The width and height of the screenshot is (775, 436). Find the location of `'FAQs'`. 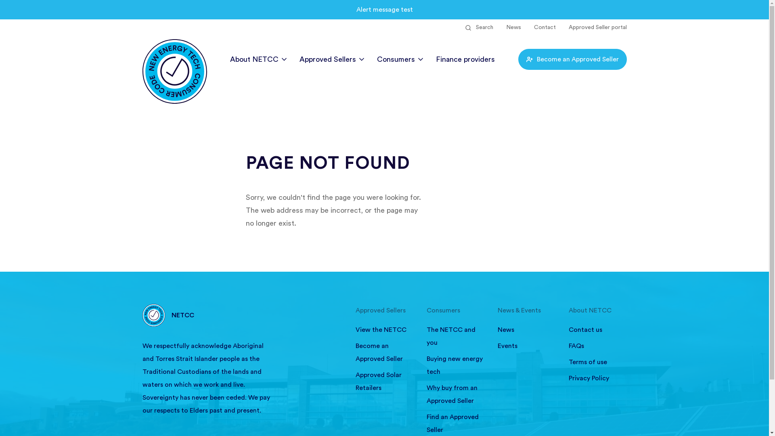

'FAQs' is located at coordinates (597, 345).